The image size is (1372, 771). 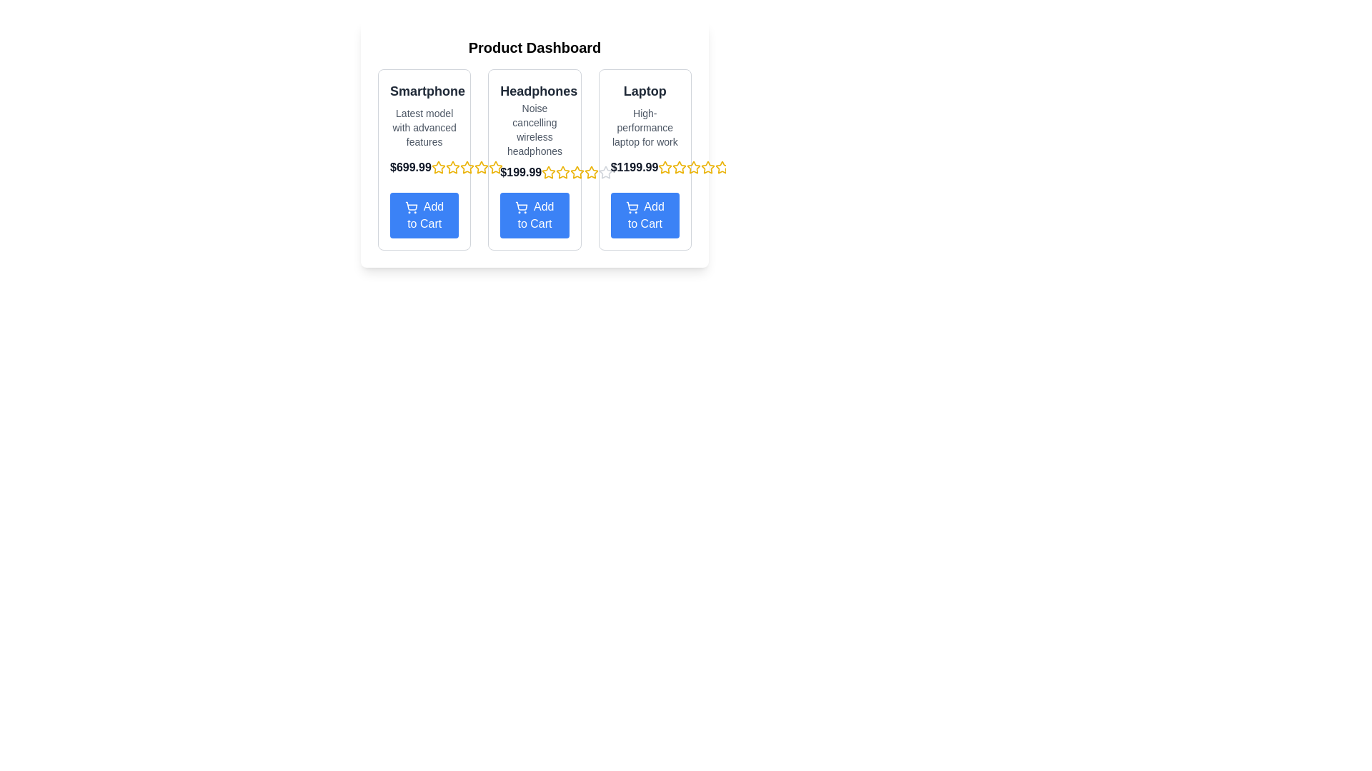 I want to click on the second rating star under the 'Headphones' section, so click(x=495, y=166).